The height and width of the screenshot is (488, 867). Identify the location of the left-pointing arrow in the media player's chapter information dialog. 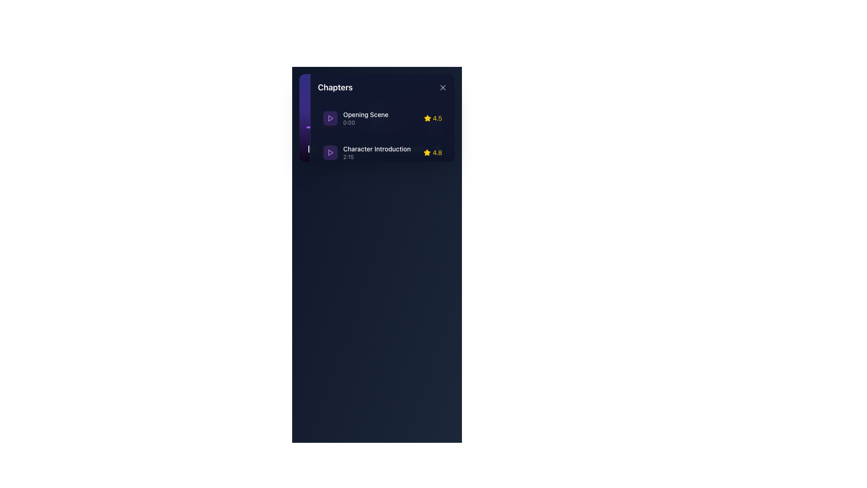
(312, 148).